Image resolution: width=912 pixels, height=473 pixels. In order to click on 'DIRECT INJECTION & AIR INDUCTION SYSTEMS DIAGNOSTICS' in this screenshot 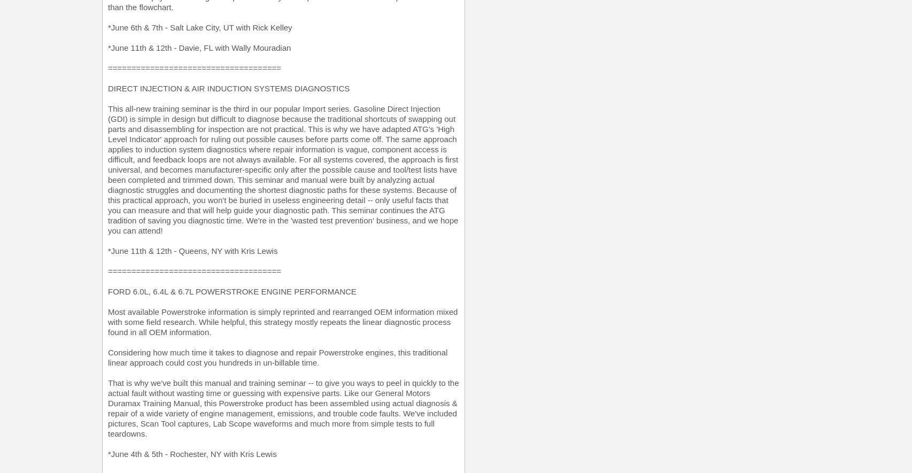, I will do `click(228, 88)`.